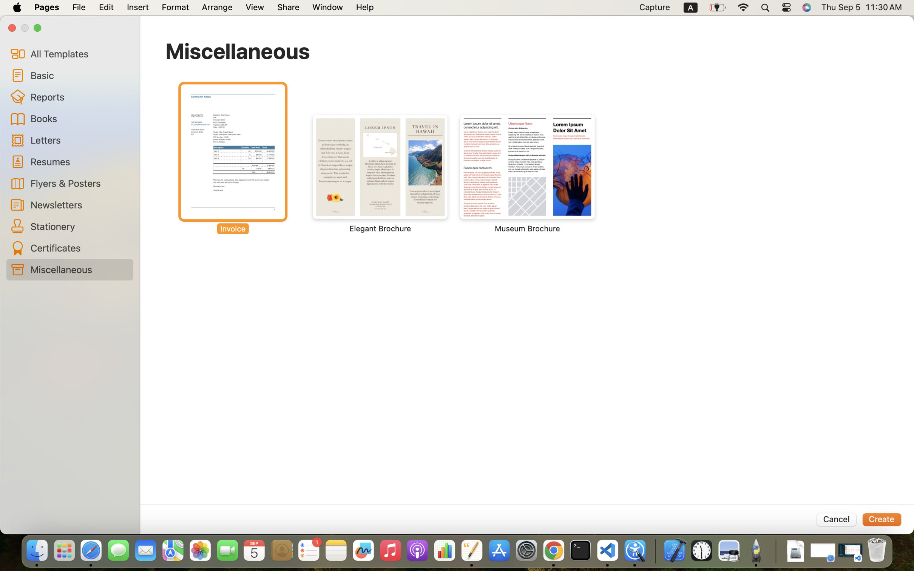 This screenshot has height=571, width=914. What do you see at coordinates (79, 75) in the screenshot?
I see `'Basic'` at bounding box center [79, 75].